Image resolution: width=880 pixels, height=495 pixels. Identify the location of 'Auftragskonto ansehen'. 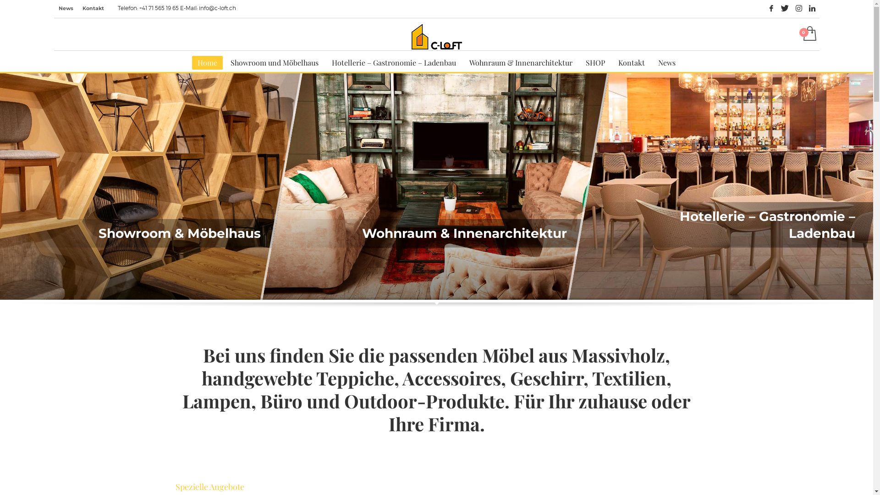
(808, 33).